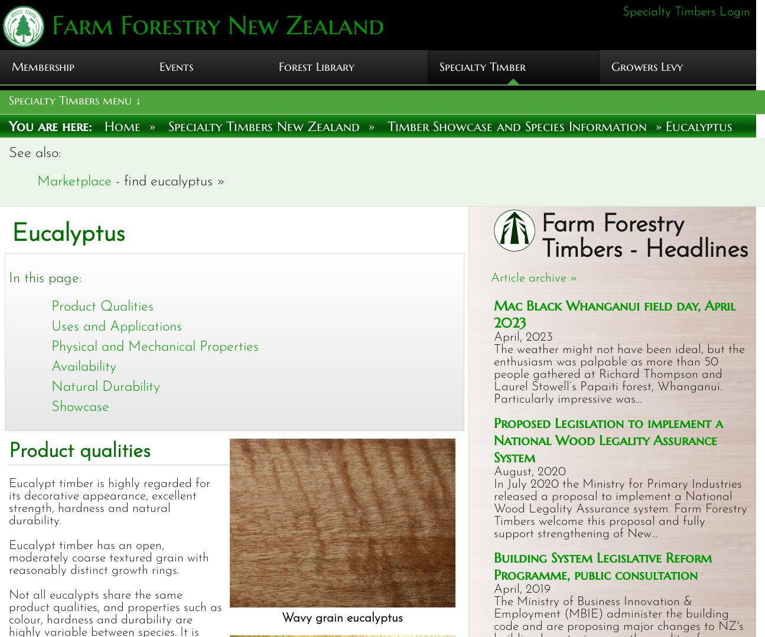 This screenshot has width=765, height=637. What do you see at coordinates (122, 125) in the screenshot?
I see `'Home'` at bounding box center [122, 125].